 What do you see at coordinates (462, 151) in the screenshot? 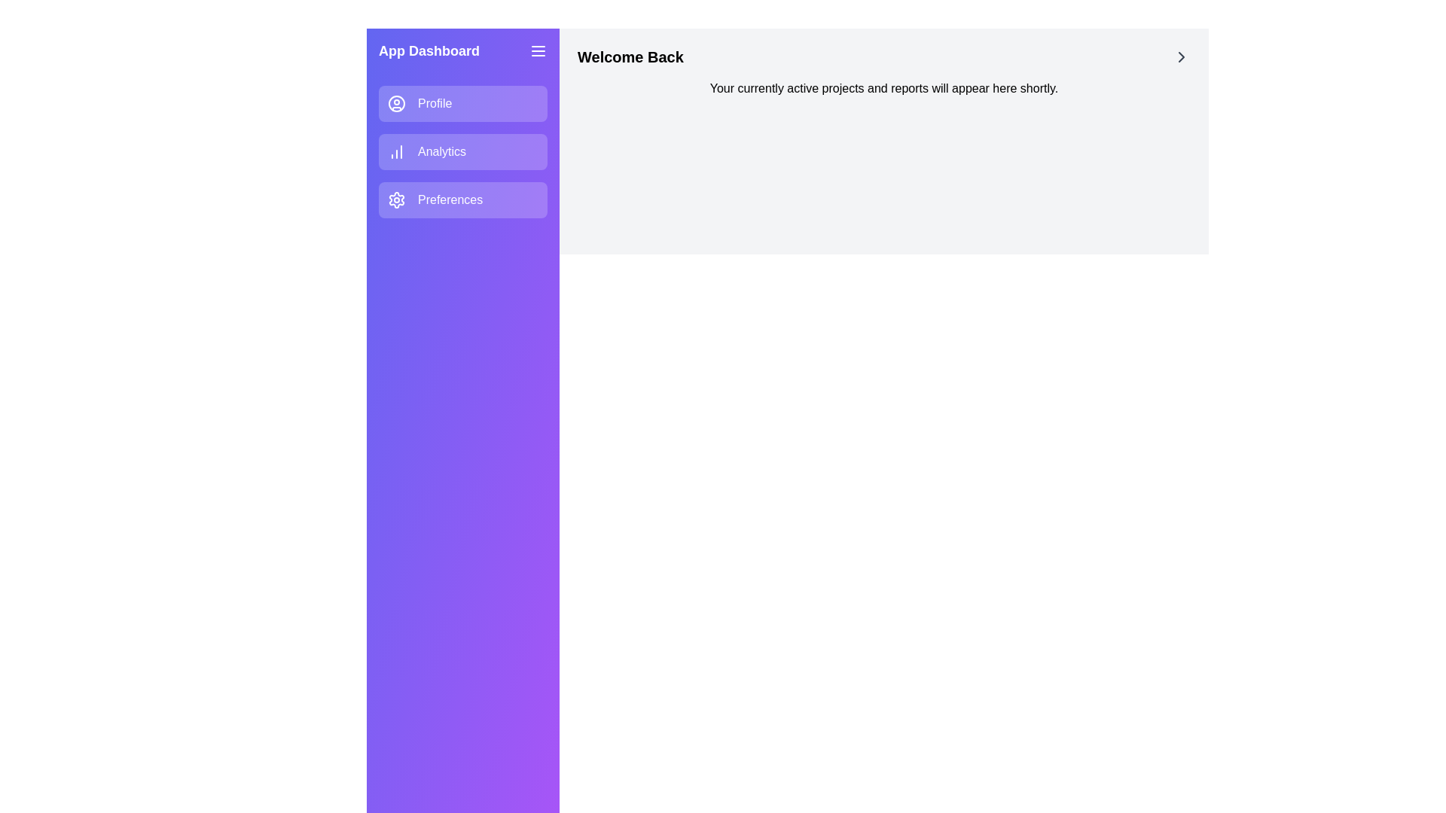
I see `the navigation item labeled Analytics to navigate to its section` at bounding box center [462, 151].